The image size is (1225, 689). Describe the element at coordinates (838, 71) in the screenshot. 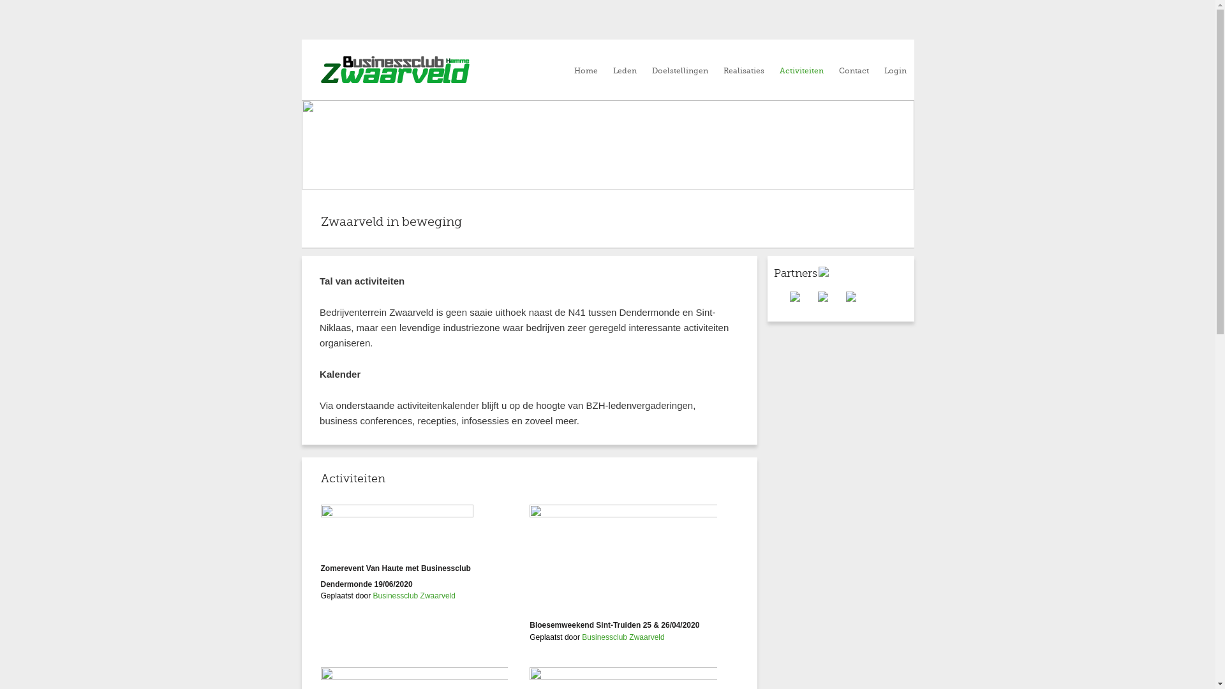

I see `'Contact'` at that location.